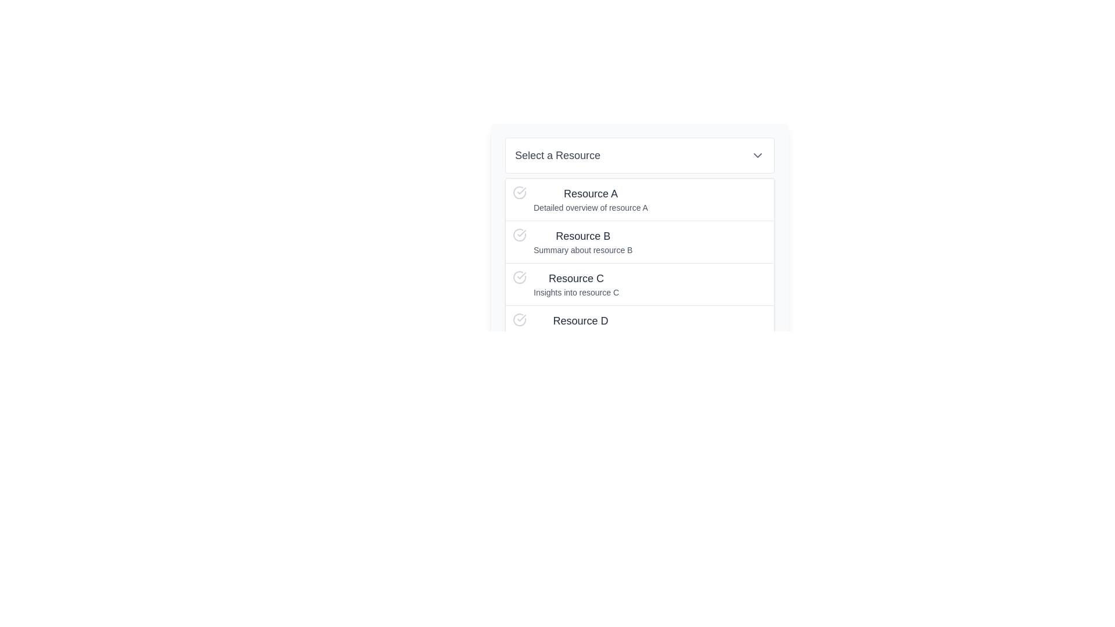  Describe the element at coordinates (591, 207) in the screenshot. I see `the text label reading 'Detailed overview of resource A', which is styled in a smaller font size and muted gray color, located directly below 'Resource A' in the vertical list of resources` at that location.